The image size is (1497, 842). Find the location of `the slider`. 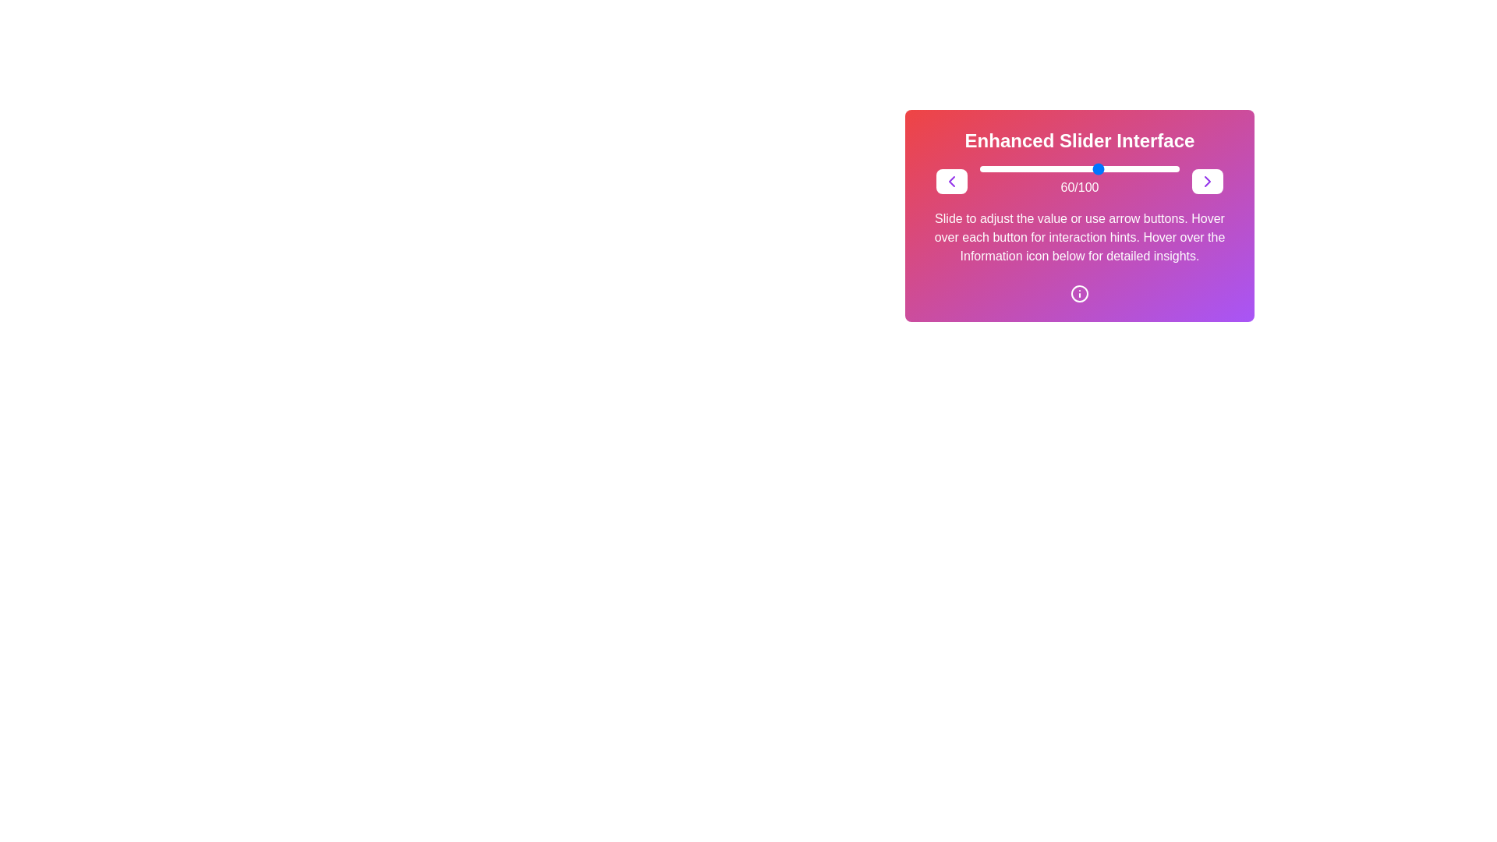

the slider is located at coordinates (1017, 168).